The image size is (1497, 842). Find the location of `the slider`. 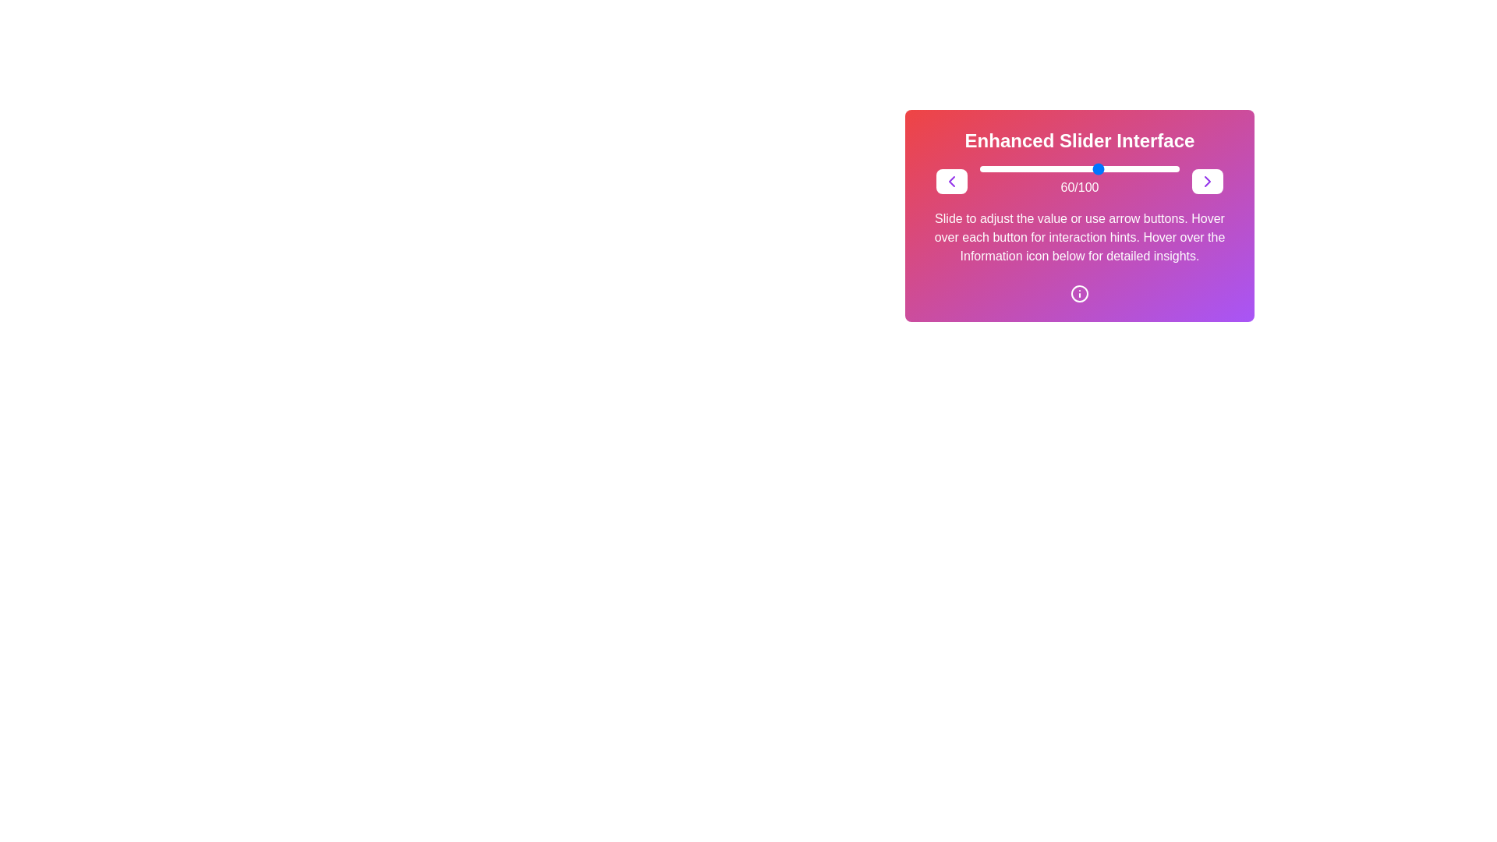

the slider is located at coordinates (1017, 168).